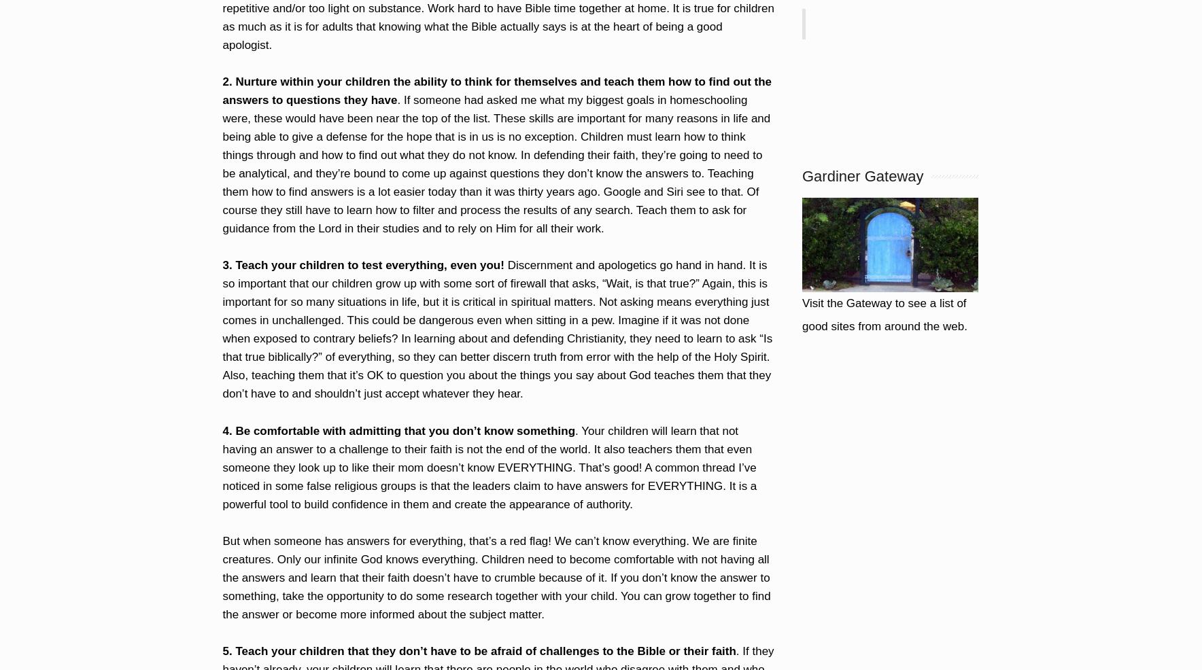 The width and height of the screenshot is (1202, 670). What do you see at coordinates (362, 264) in the screenshot?
I see `'3. Teach your children to test everything, even you!'` at bounding box center [362, 264].